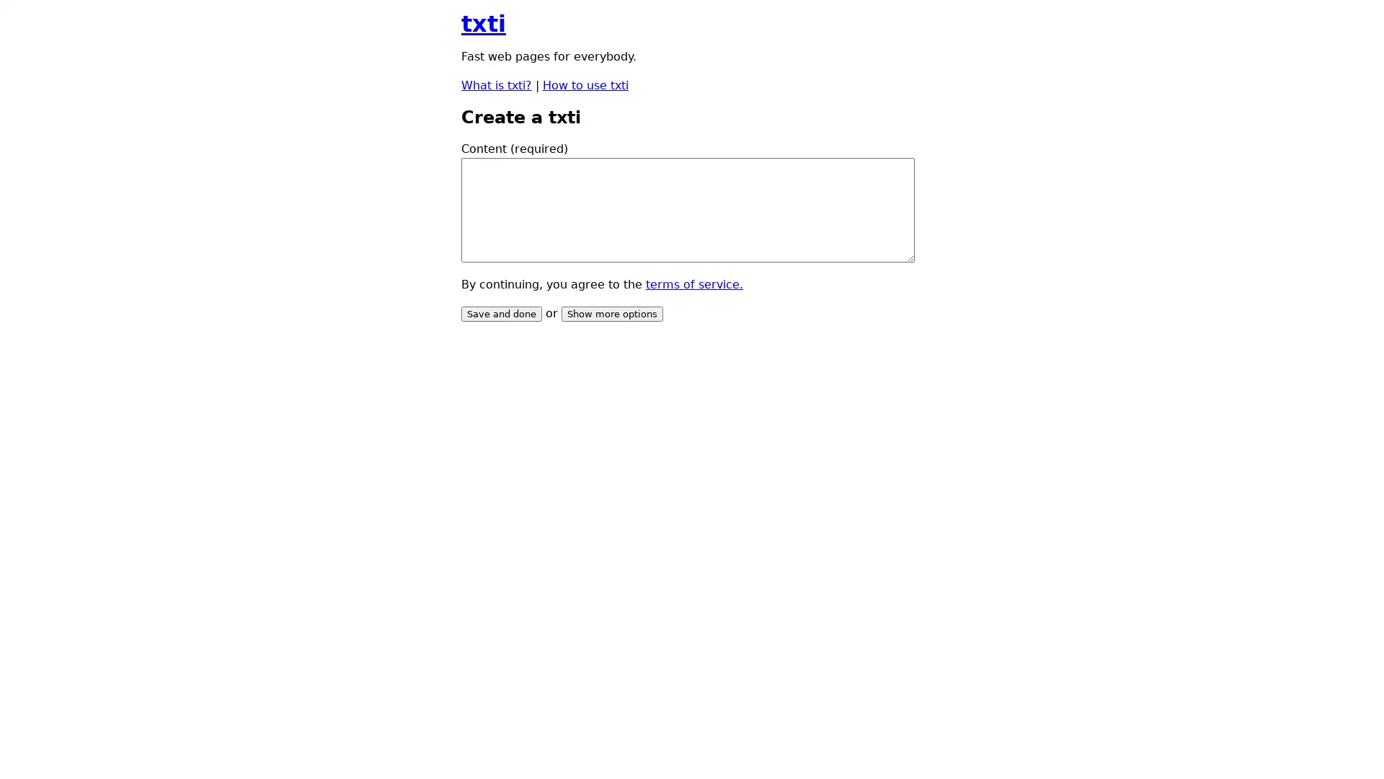 This screenshot has width=1384, height=779. I want to click on Show more options, so click(612, 313).